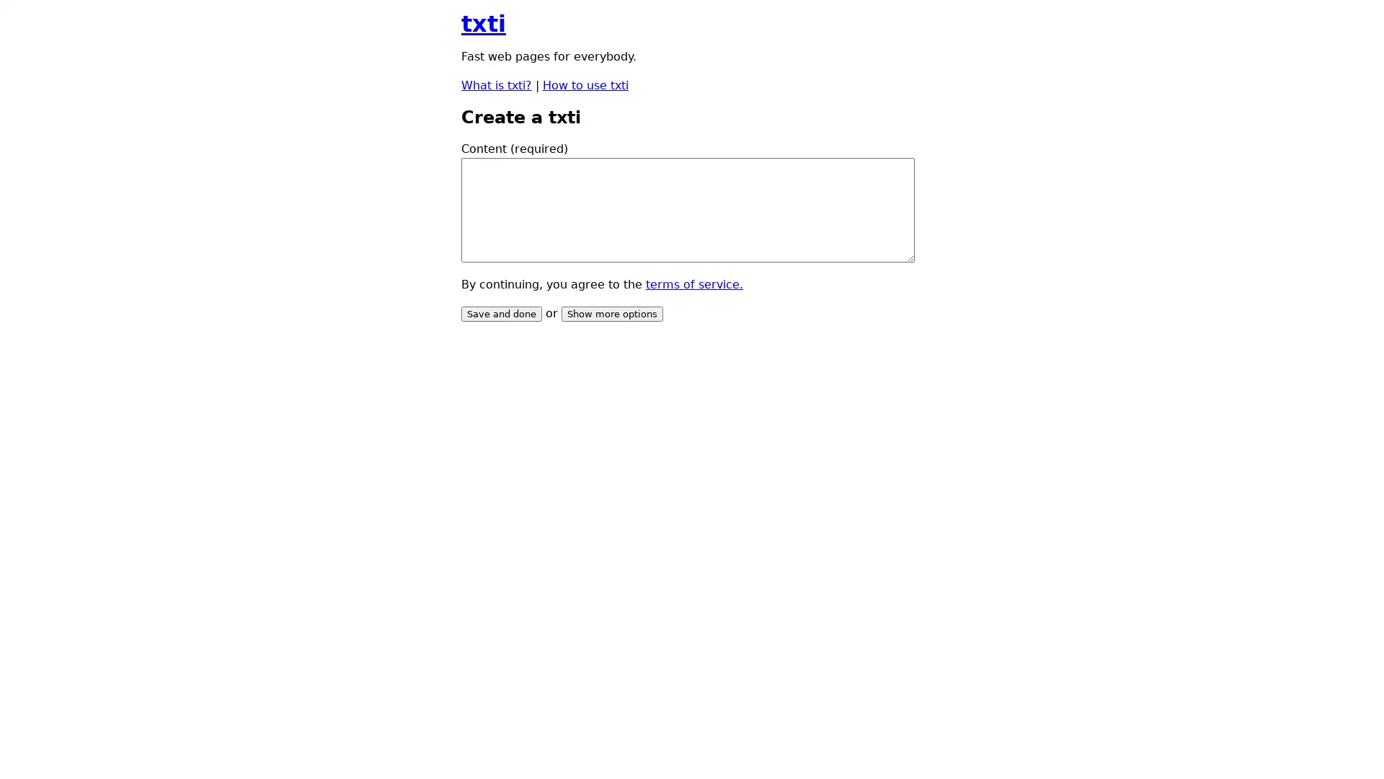 This screenshot has width=1384, height=779. I want to click on Show more options, so click(612, 313).